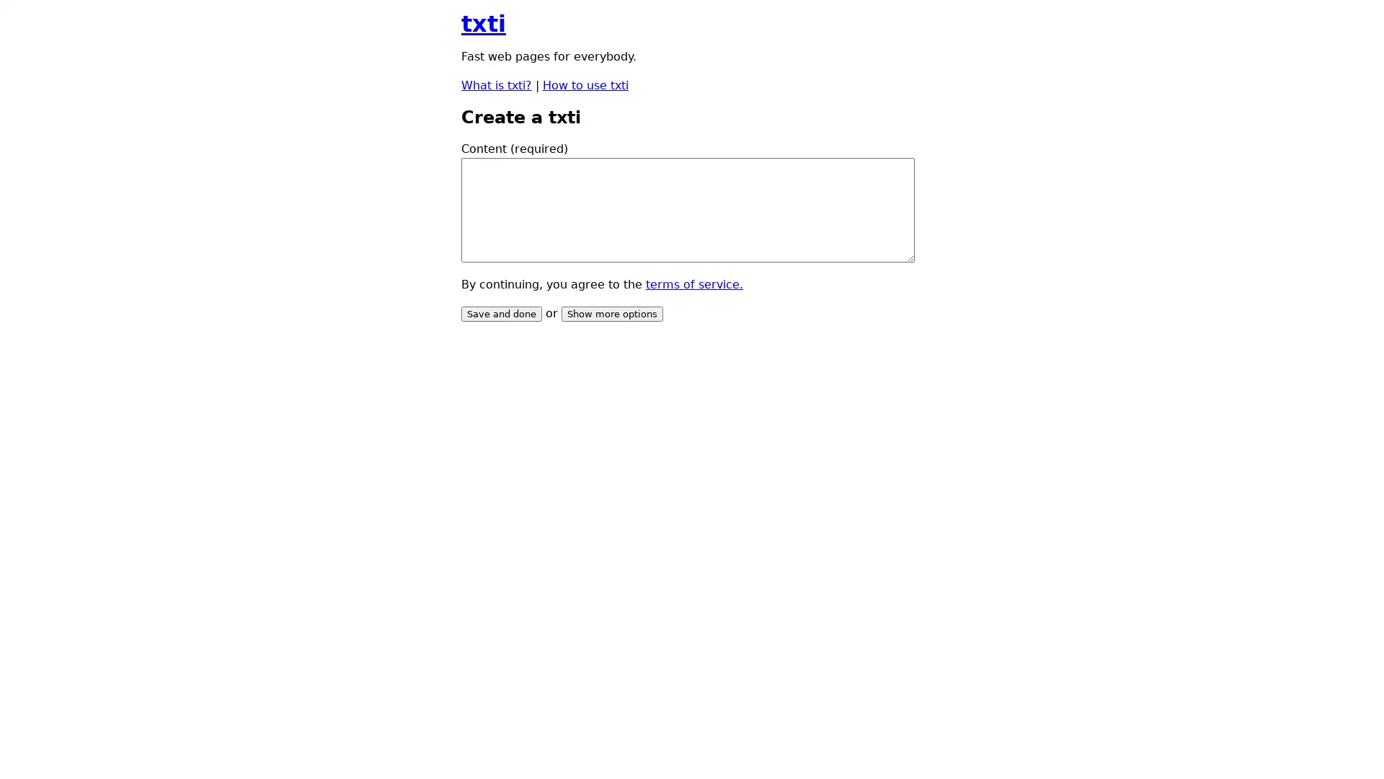 This screenshot has width=1384, height=779. I want to click on Show more options, so click(612, 313).